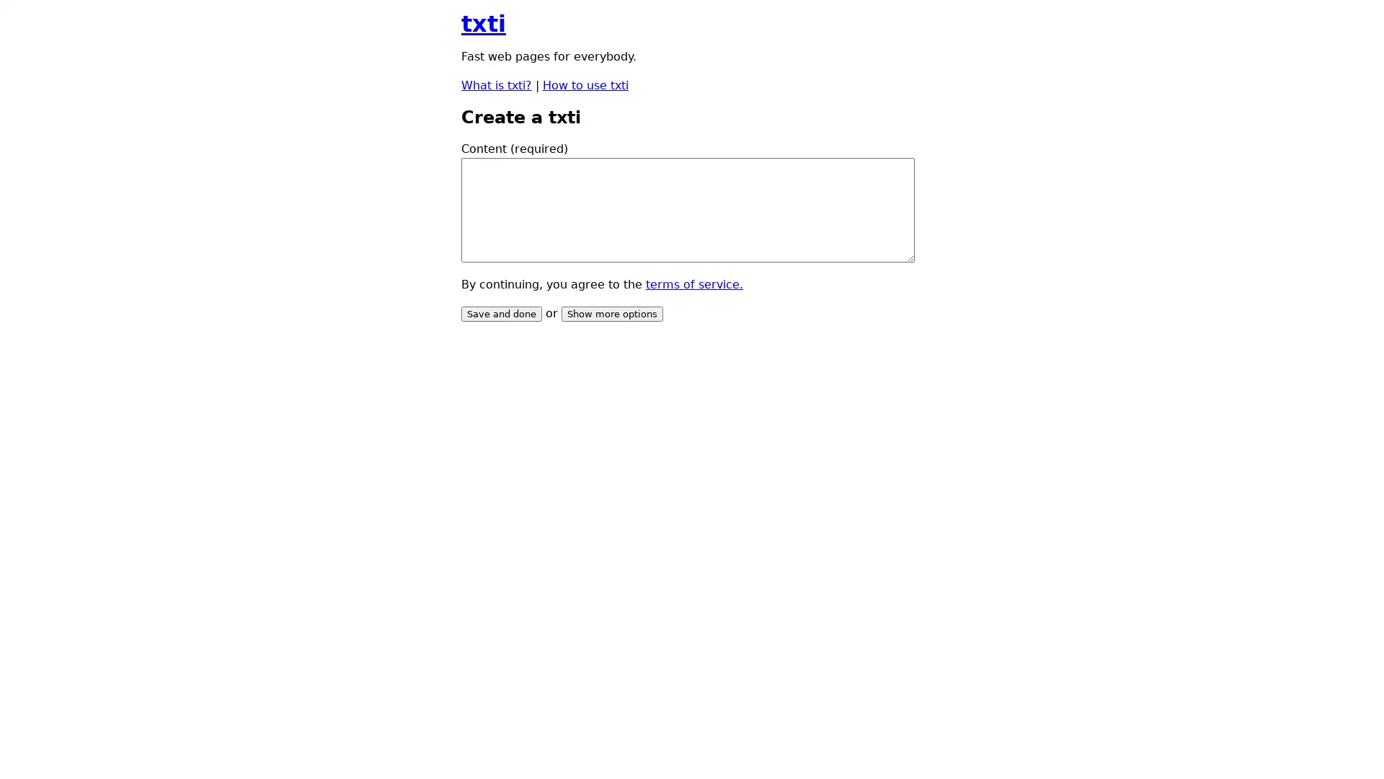 This screenshot has width=1384, height=779. I want to click on Show more options, so click(612, 313).